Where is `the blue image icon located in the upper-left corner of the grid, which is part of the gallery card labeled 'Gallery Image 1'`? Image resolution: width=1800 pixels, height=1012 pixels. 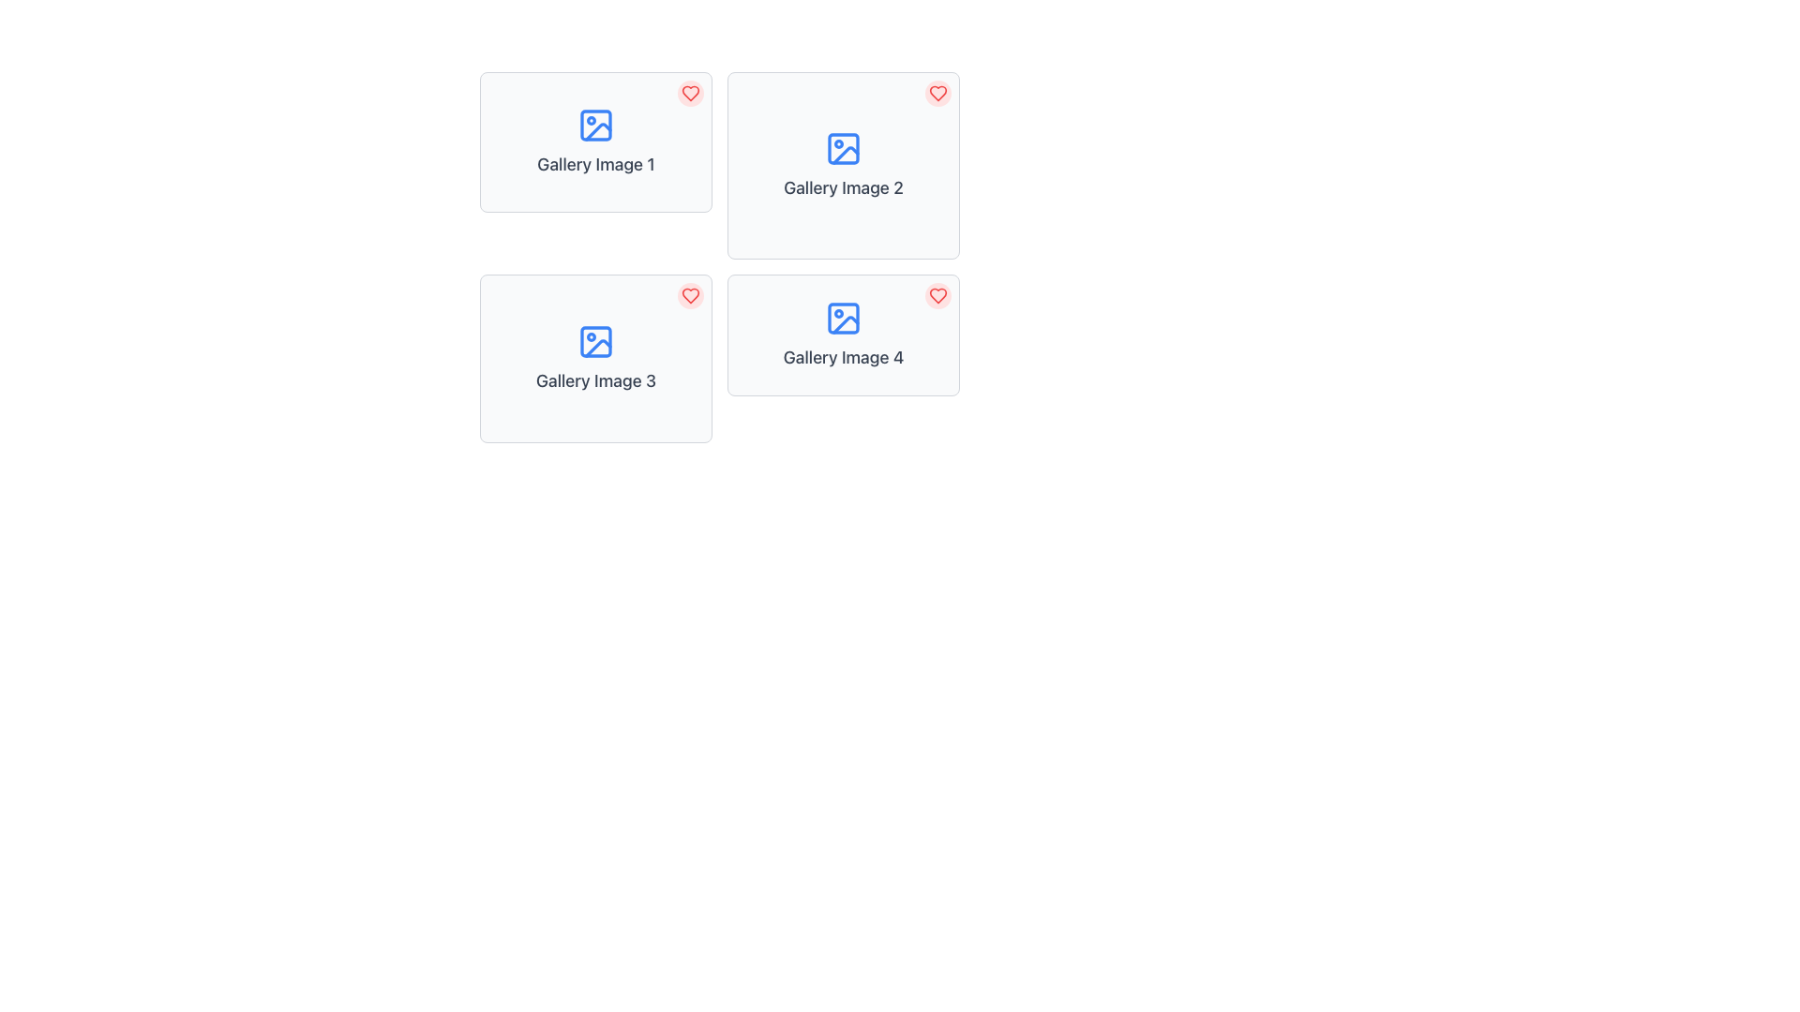
the blue image icon located in the upper-left corner of the grid, which is part of the gallery card labeled 'Gallery Image 1' is located at coordinates (594, 126).